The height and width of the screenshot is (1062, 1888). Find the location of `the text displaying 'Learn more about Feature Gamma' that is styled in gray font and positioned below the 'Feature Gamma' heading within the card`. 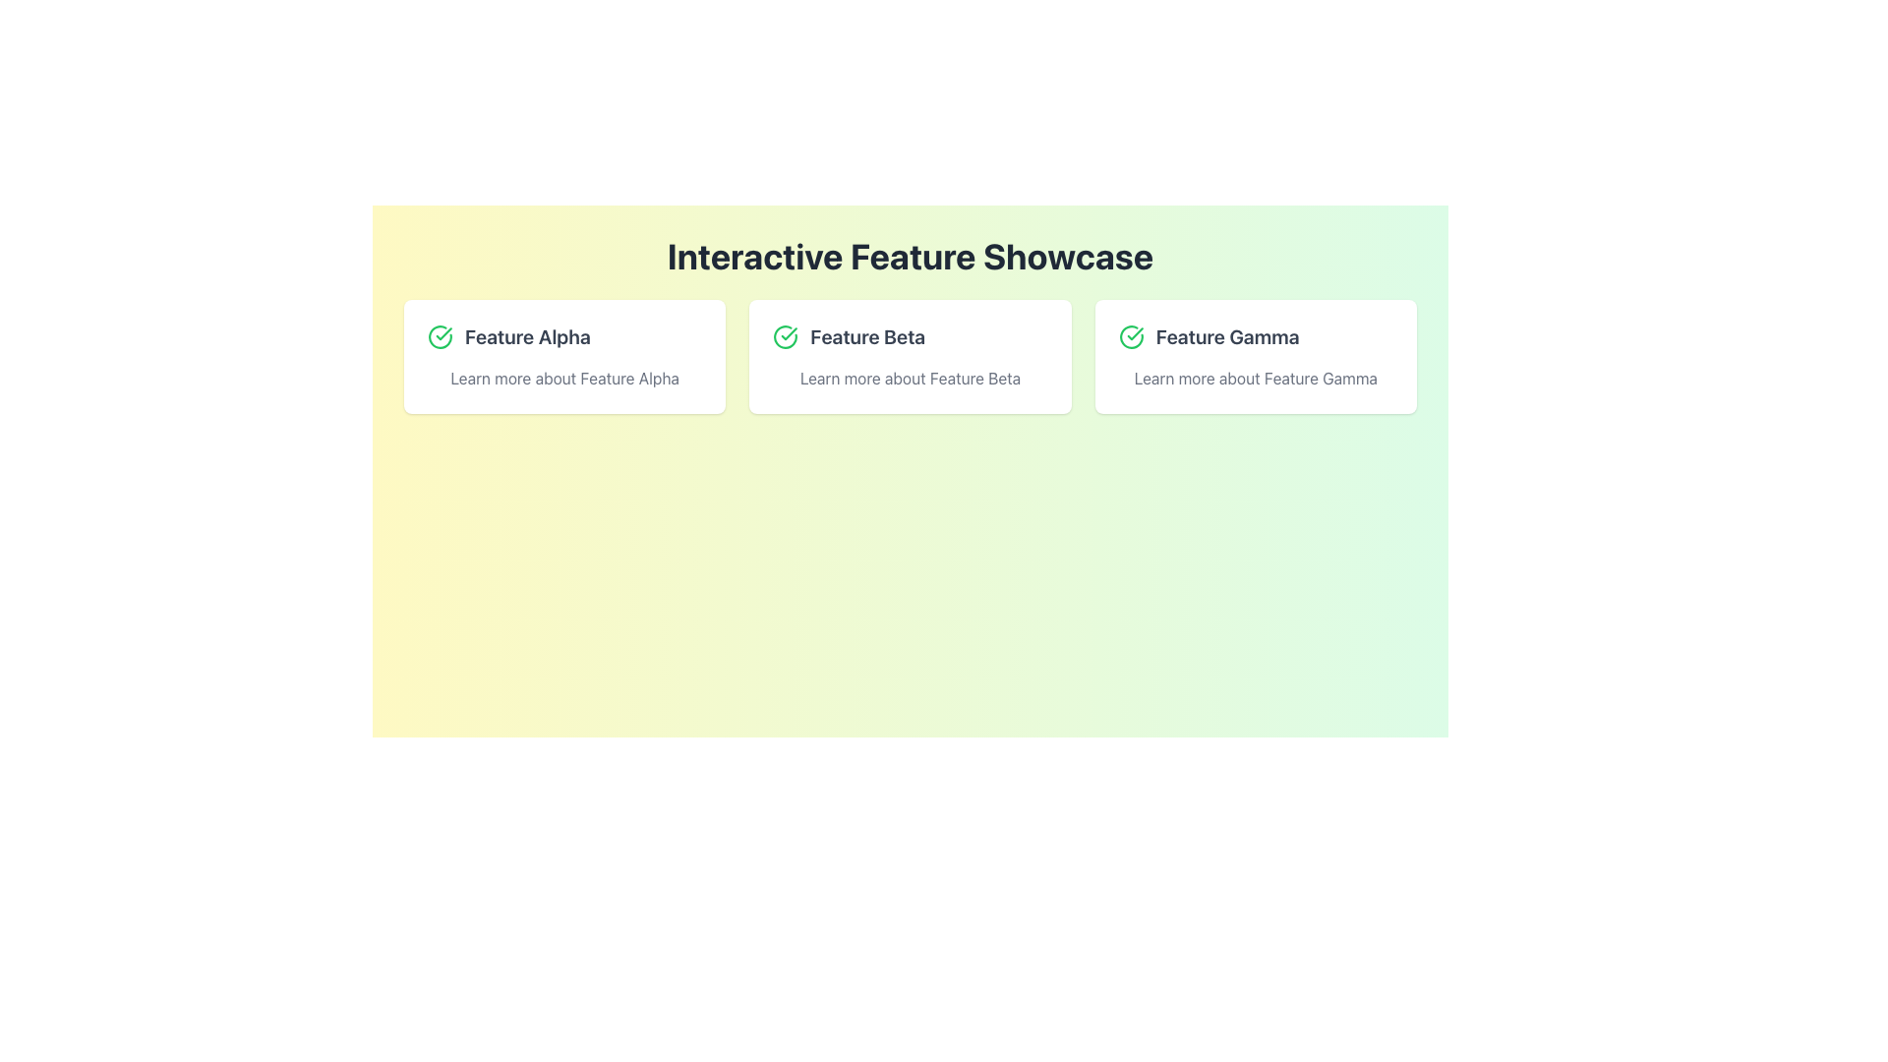

the text displaying 'Learn more about Feature Gamma' that is styled in gray font and positioned below the 'Feature Gamma' heading within the card is located at coordinates (1255, 379).